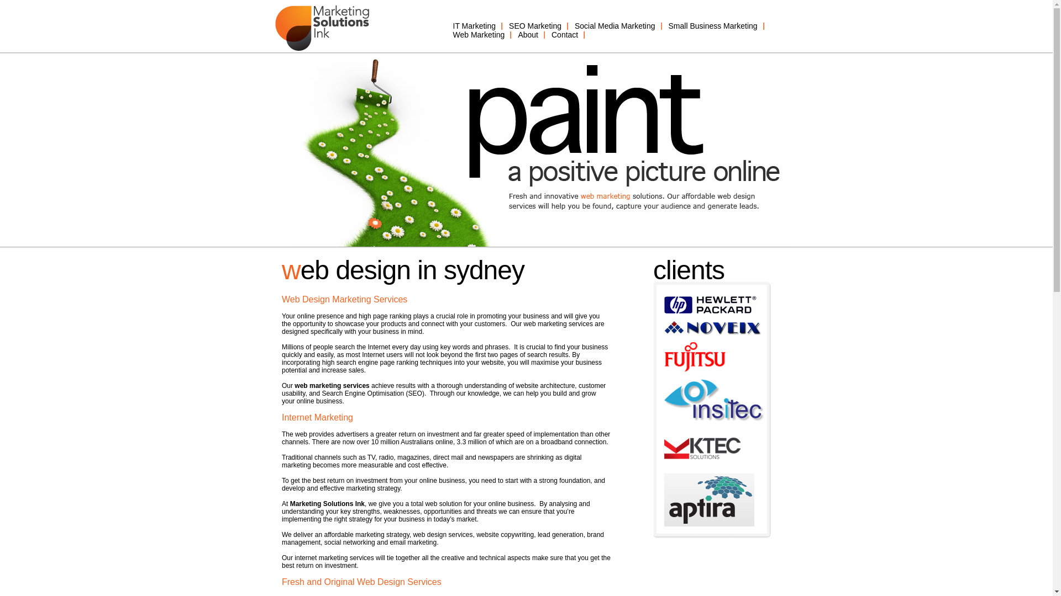 Image resolution: width=1061 pixels, height=596 pixels. I want to click on 'Small Business Marketing', so click(713, 25).